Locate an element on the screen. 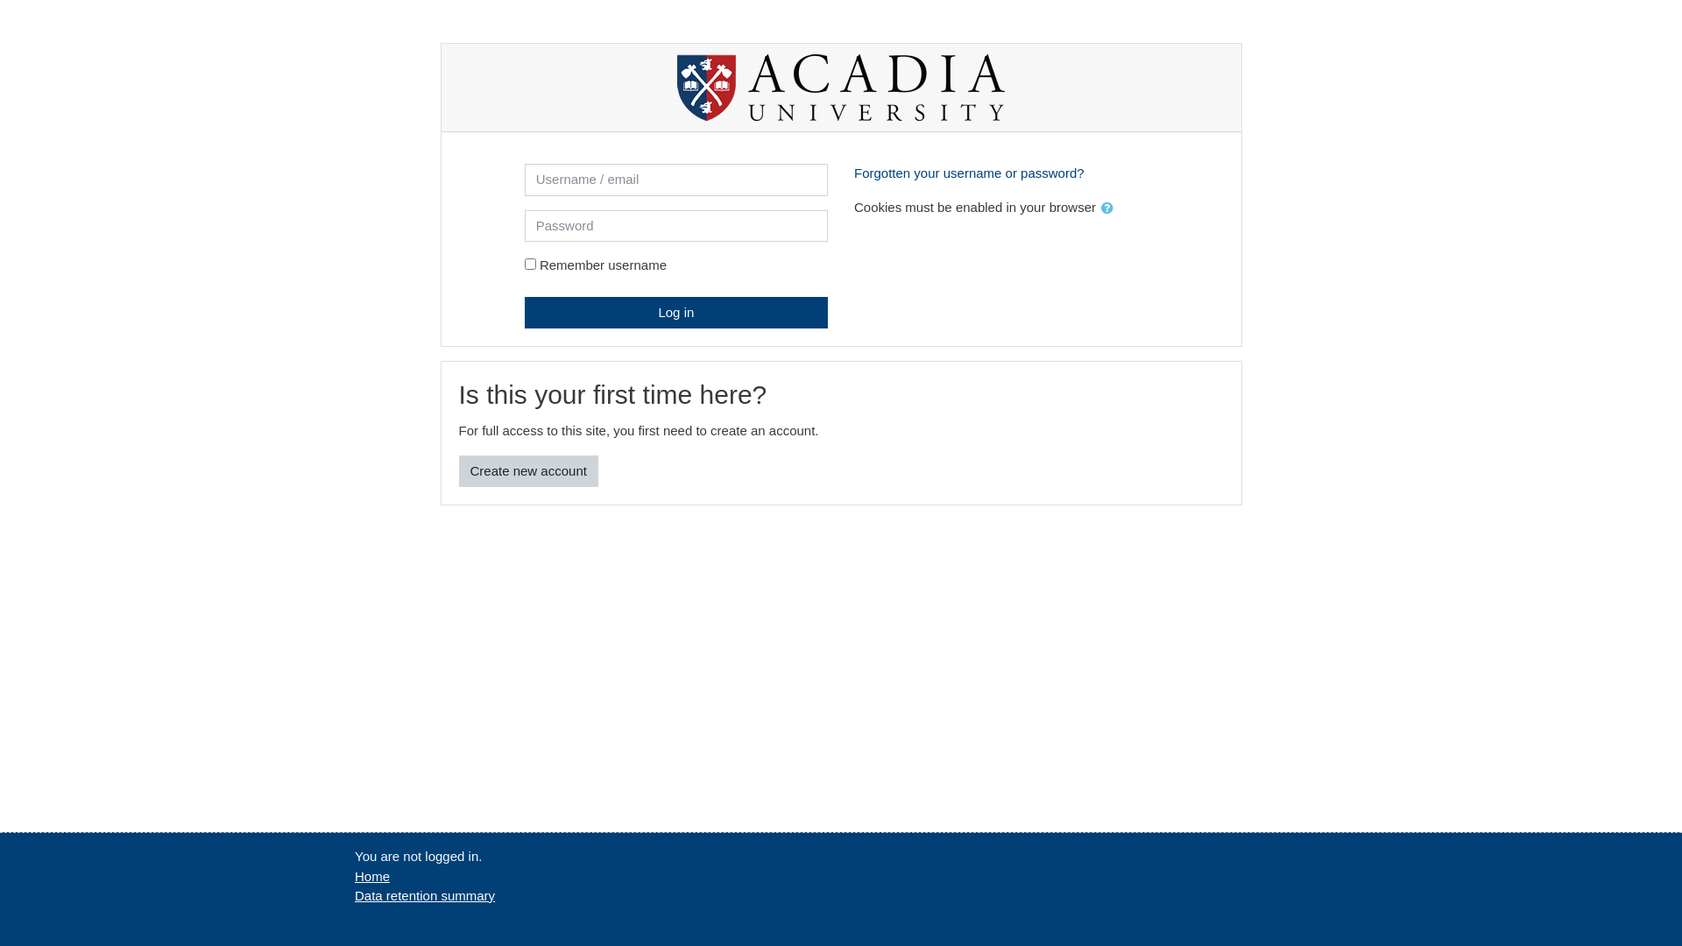 The height and width of the screenshot is (946, 1682). 'Home' is located at coordinates (371, 876).